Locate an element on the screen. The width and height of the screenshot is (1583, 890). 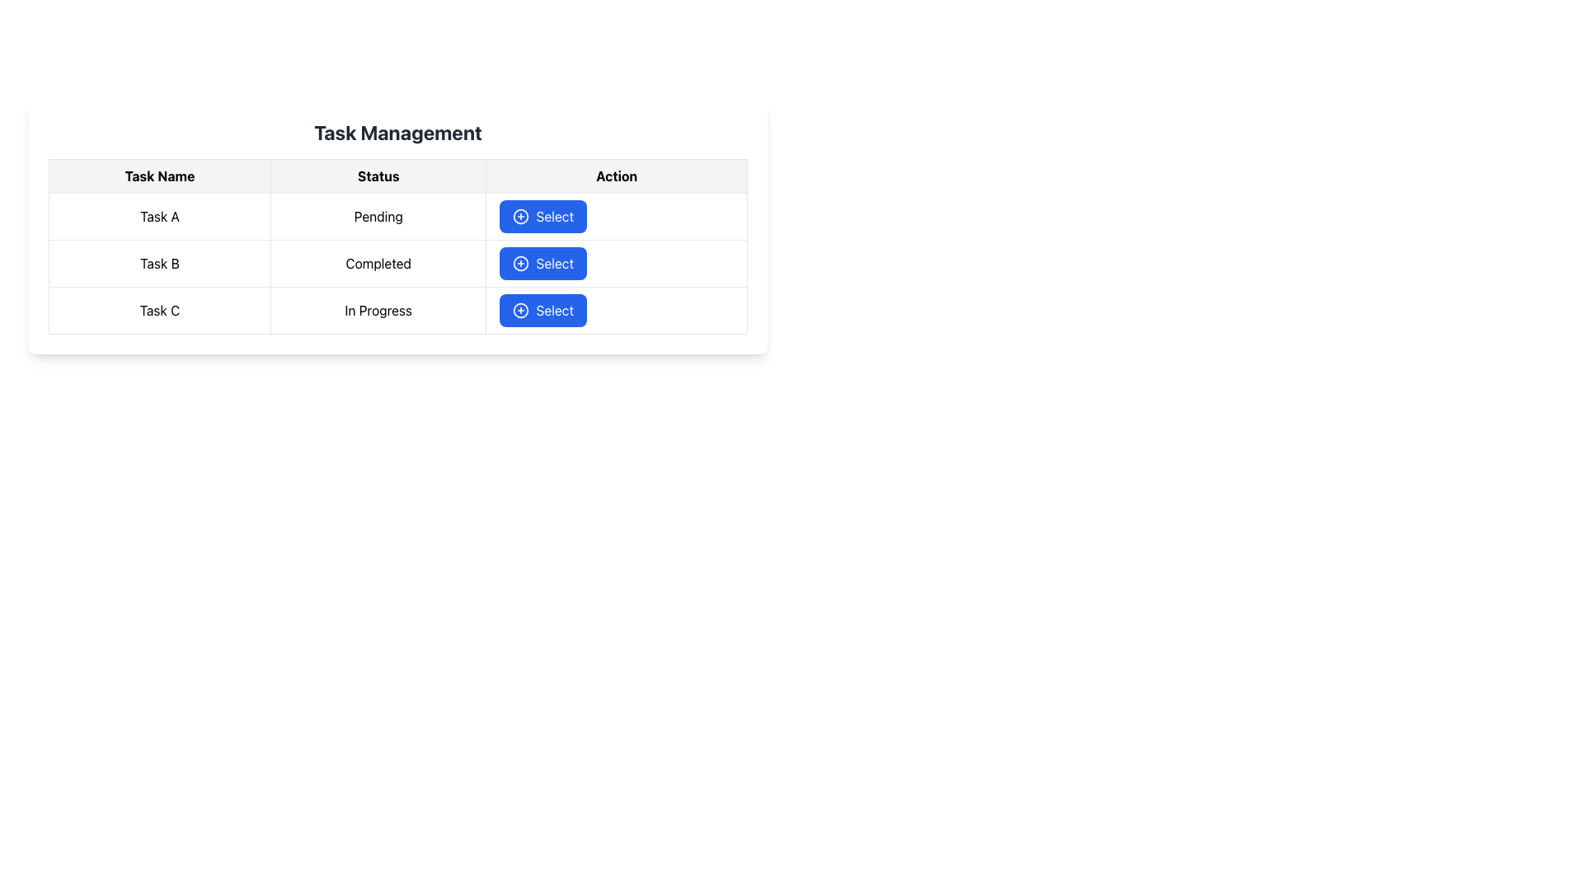
the third blue 'Select' button with rounded corners in the 'Action' column of the 'Task Management' table is located at coordinates (555, 311).